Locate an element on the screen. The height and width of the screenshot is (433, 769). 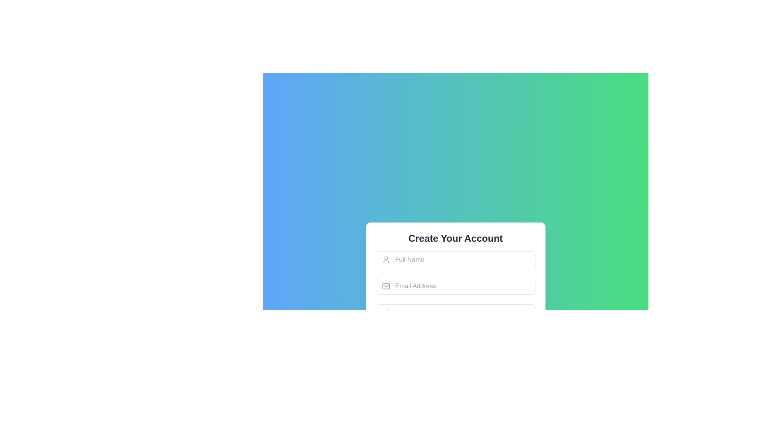
the user silhouette icon located on the left side of the 'Full Name' text input field in the user registration form is located at coordinates (386, 260).